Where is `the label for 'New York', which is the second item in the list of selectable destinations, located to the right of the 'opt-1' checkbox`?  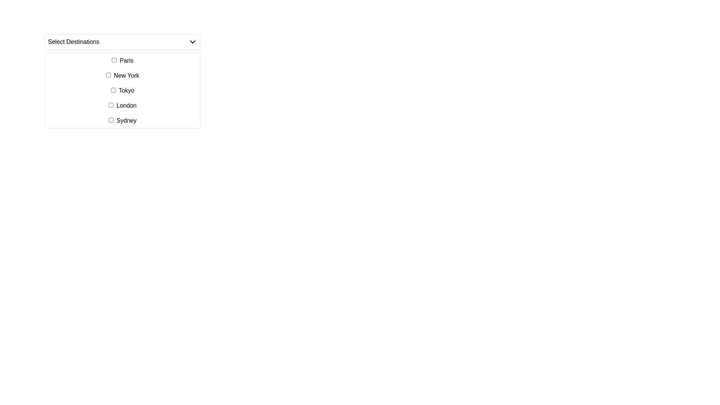
the label for 'New York', which is the second item in the list of selectable destinations, located to the right of the 'opt-1' checkbox is located at coordinates (126, 75).